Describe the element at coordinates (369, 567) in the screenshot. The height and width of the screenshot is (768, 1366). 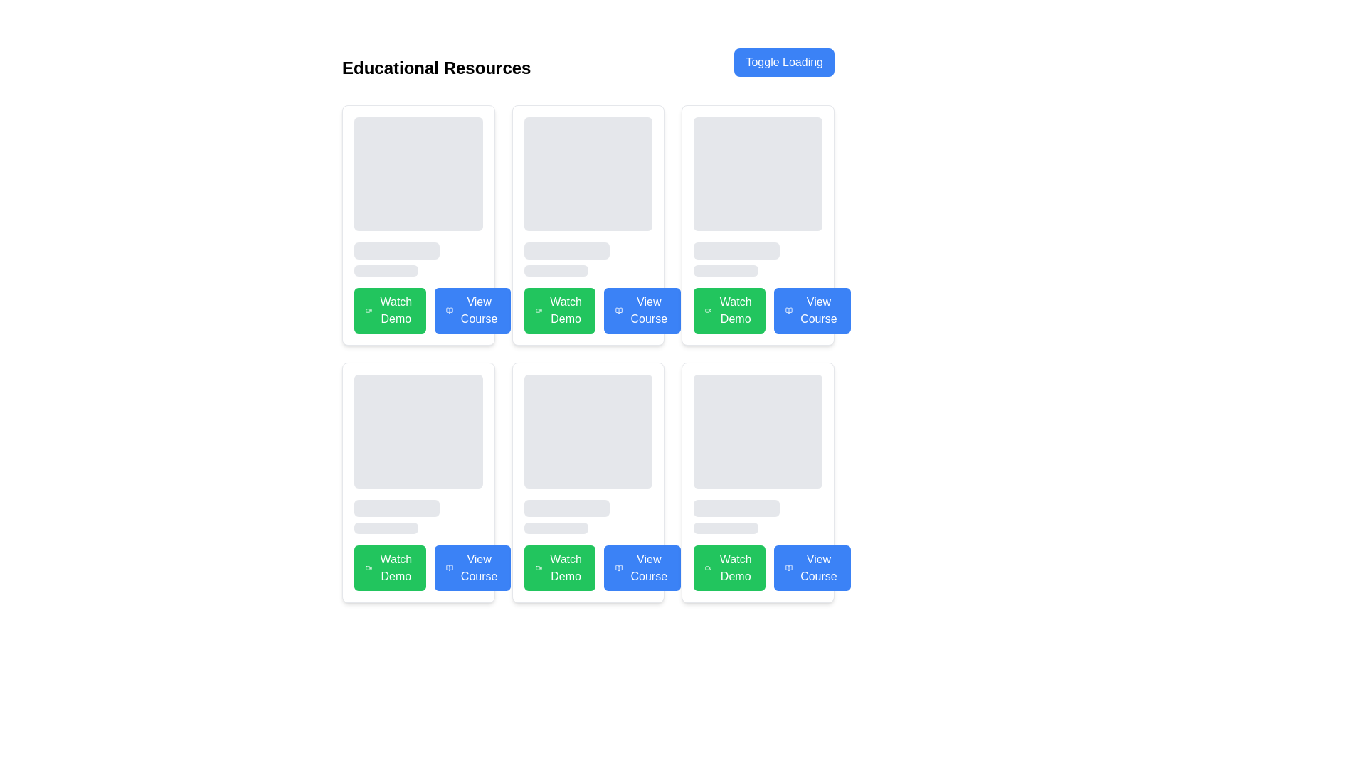
I see `the green 'Watch Demo' button icon resembling a video camera located at the bottom-left corner of the fourth item in a grid layout` at that location.